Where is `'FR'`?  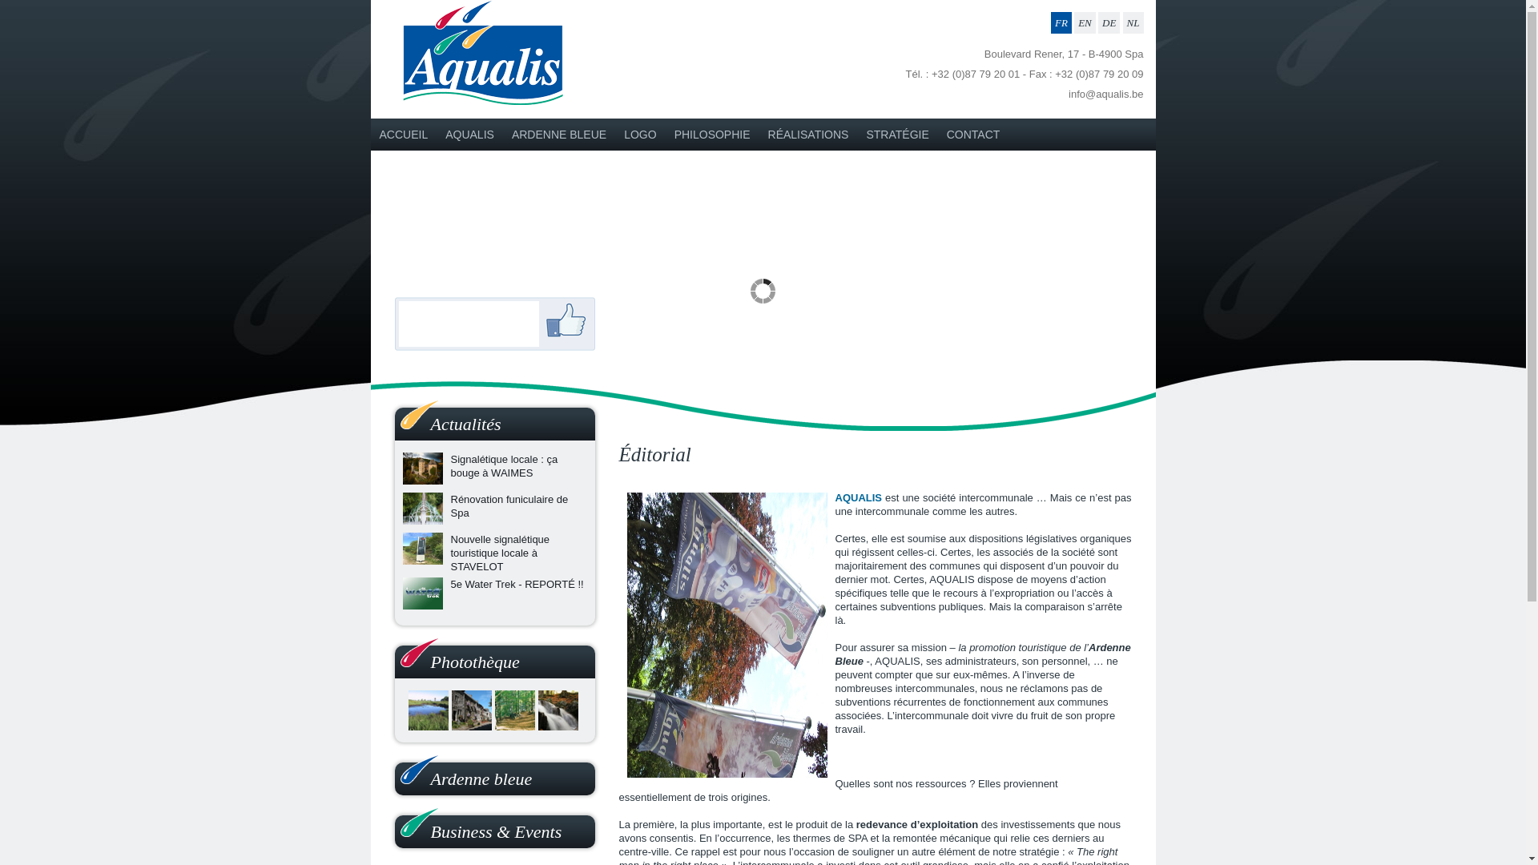 'FR' is located at coordinates (1061, 22).